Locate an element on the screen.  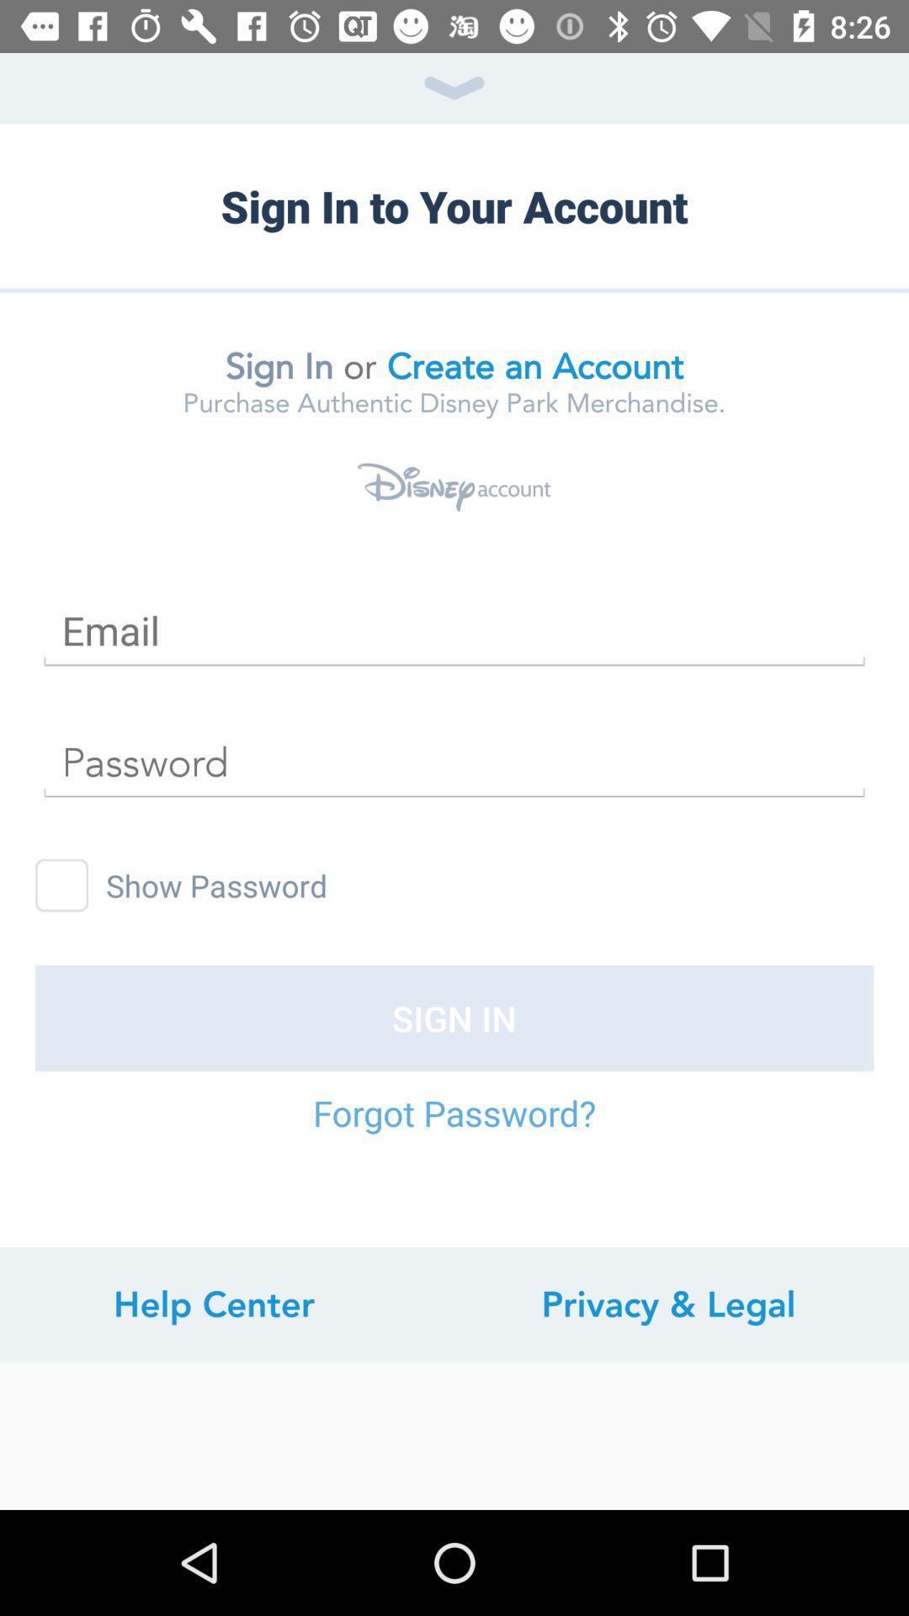
item next to the show password item is located at coordinates (61, 885).